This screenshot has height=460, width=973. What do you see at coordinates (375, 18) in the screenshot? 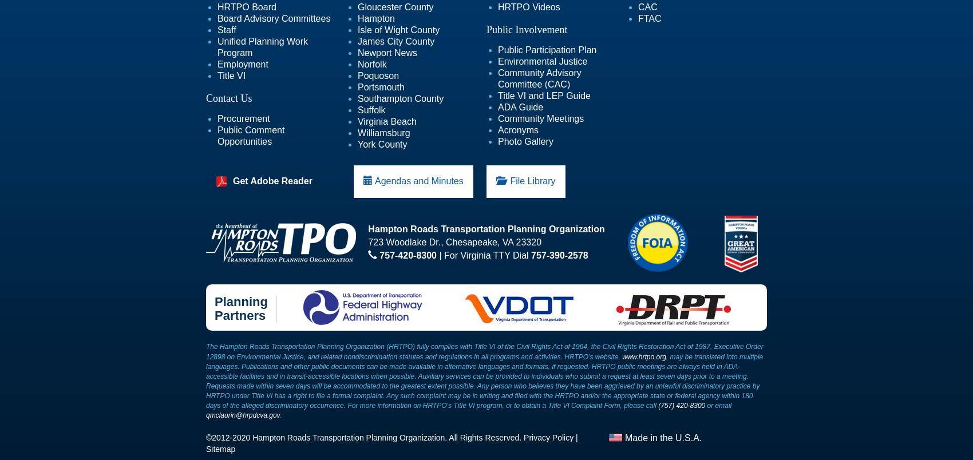
I see `'Hampton'` at bounding box center [375, 18].